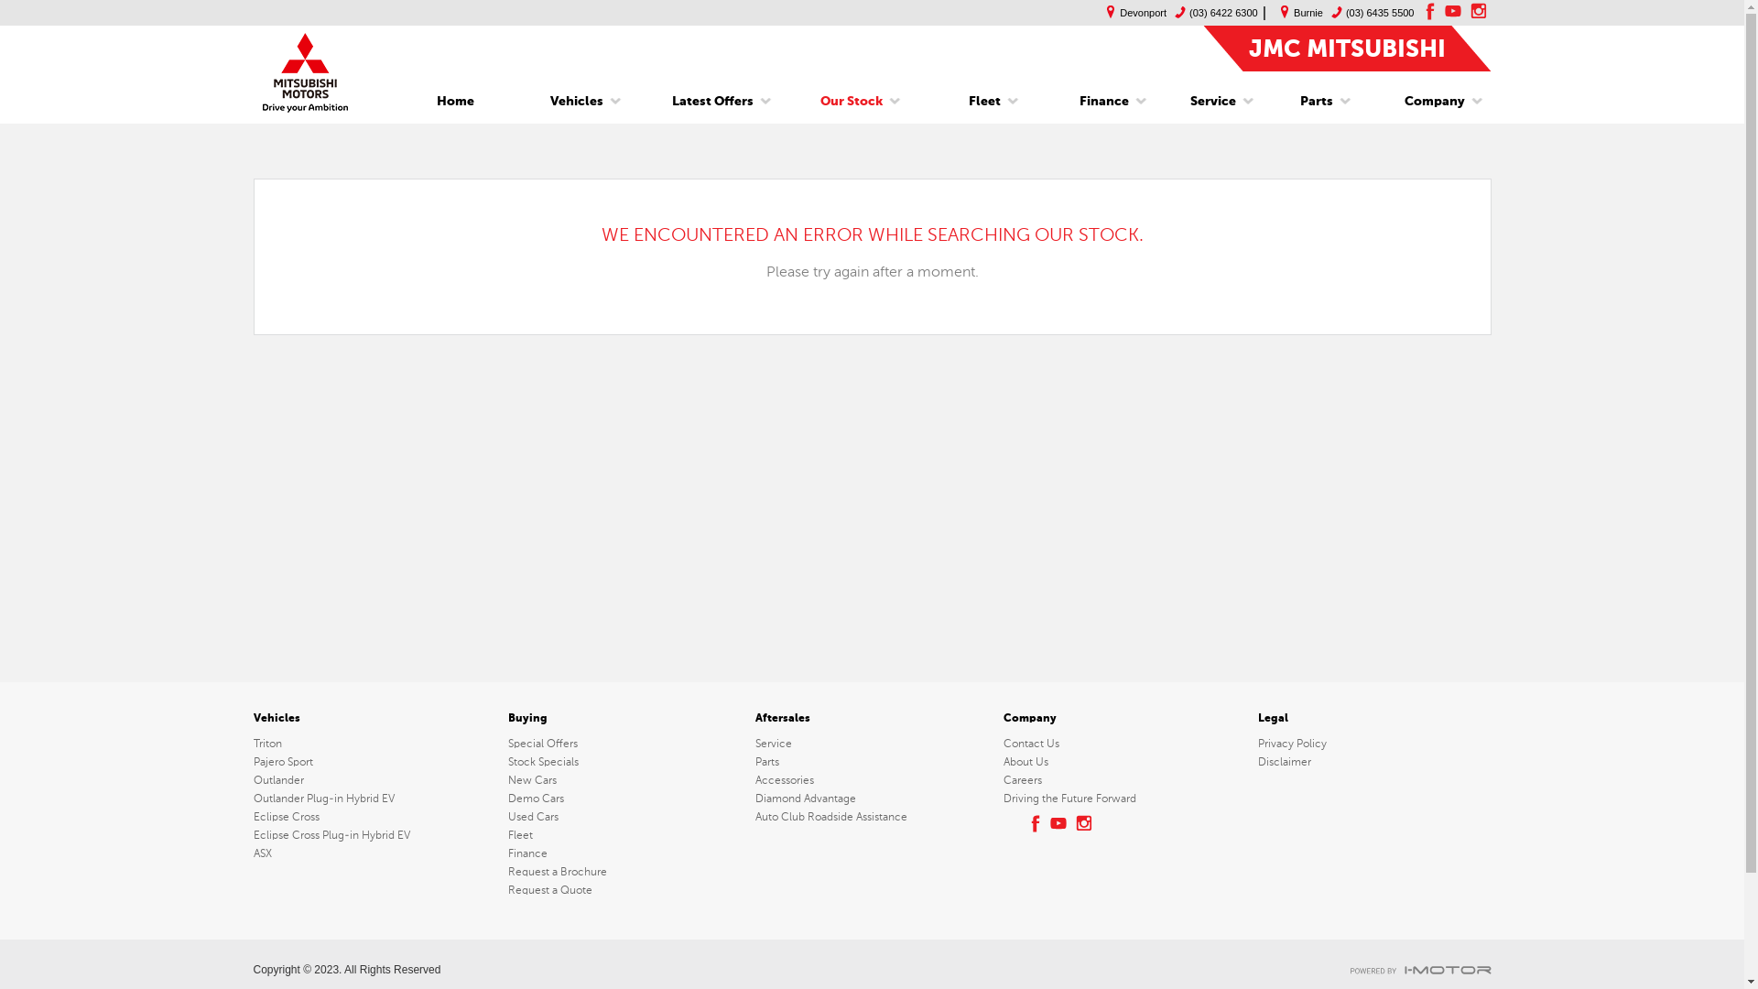 This screenshot has width=1758, height=989. What do you see at coordinates (1131, 13) in the screenshot?
I see `'Devonport'` at bounding box center [1131, 13].